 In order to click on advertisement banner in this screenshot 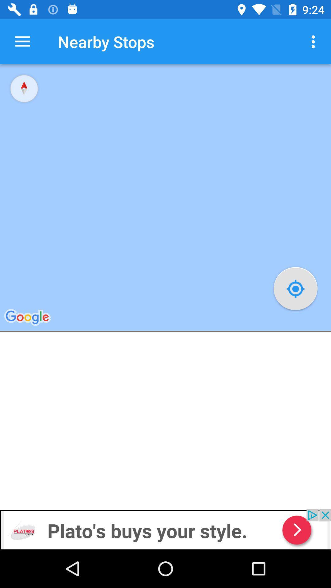, I will do `click(165, 529)`.